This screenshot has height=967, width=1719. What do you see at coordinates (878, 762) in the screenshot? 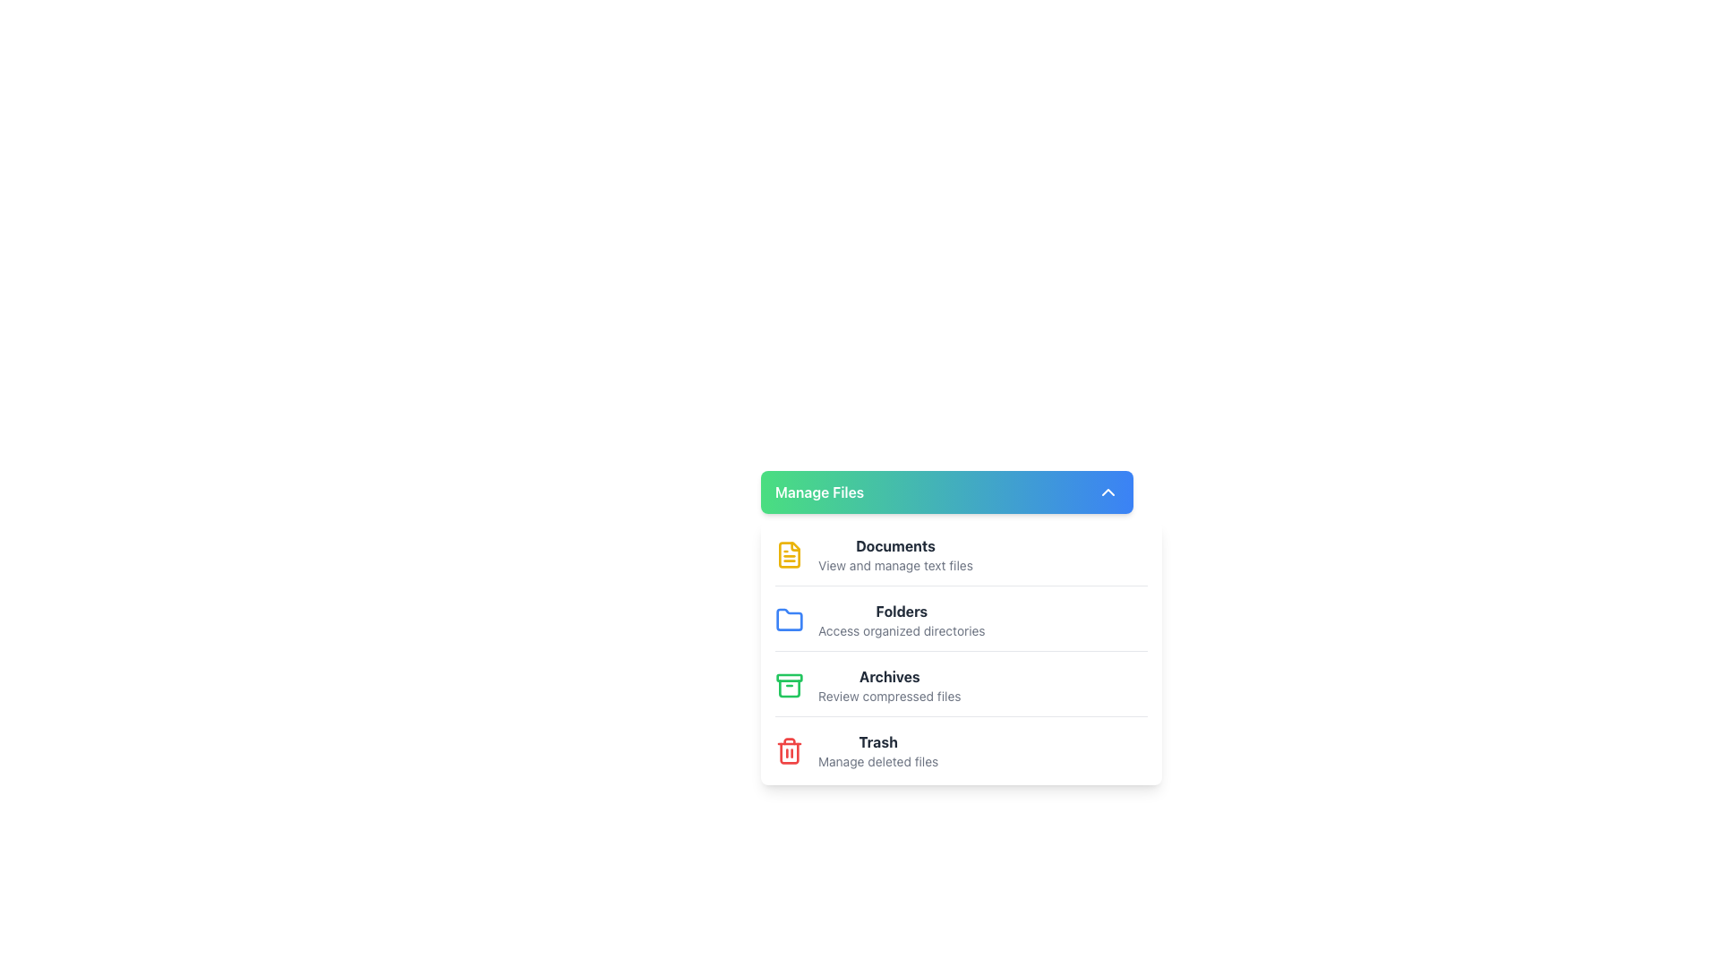
I see `the static text label that reads 'Manage deleted files', which is positioned beneath the bold label 'Trash'` at bounding box center [878, 762].